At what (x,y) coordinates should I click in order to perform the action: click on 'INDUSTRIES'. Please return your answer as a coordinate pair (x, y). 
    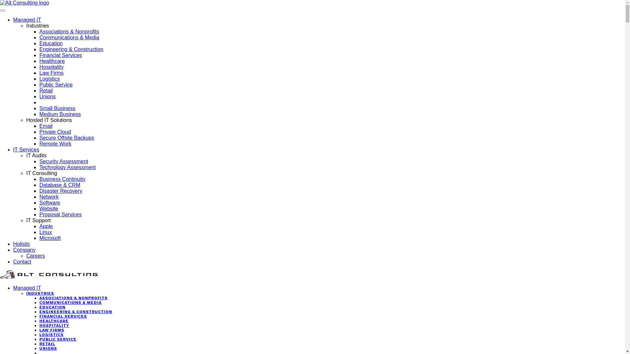
    Looking at the image, I should click on (40, 293).